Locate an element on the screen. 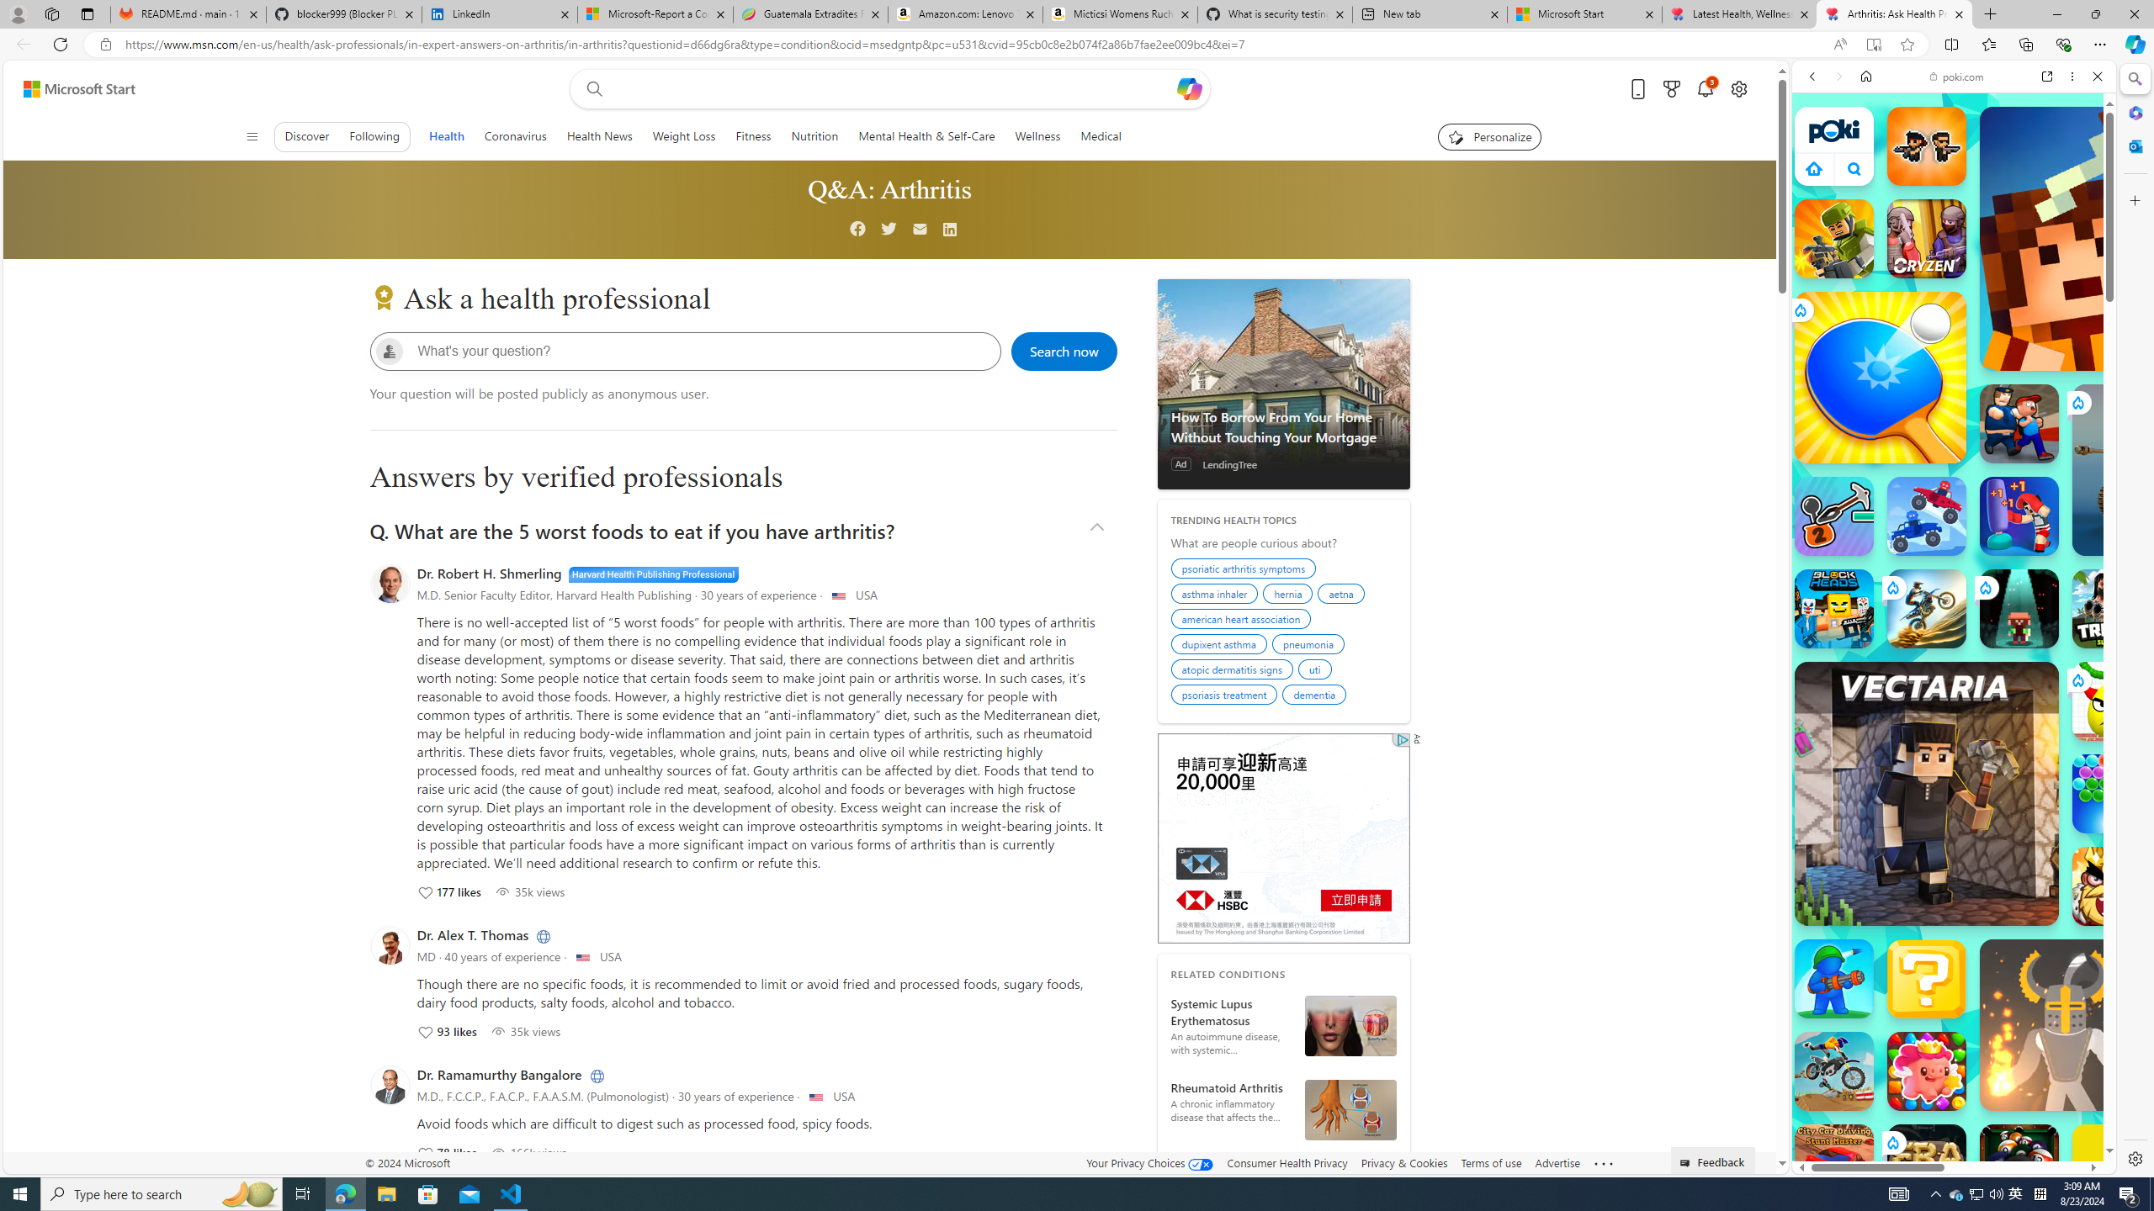  'Tribals.io Tribals.io' is located at coordinates (2112, 608).